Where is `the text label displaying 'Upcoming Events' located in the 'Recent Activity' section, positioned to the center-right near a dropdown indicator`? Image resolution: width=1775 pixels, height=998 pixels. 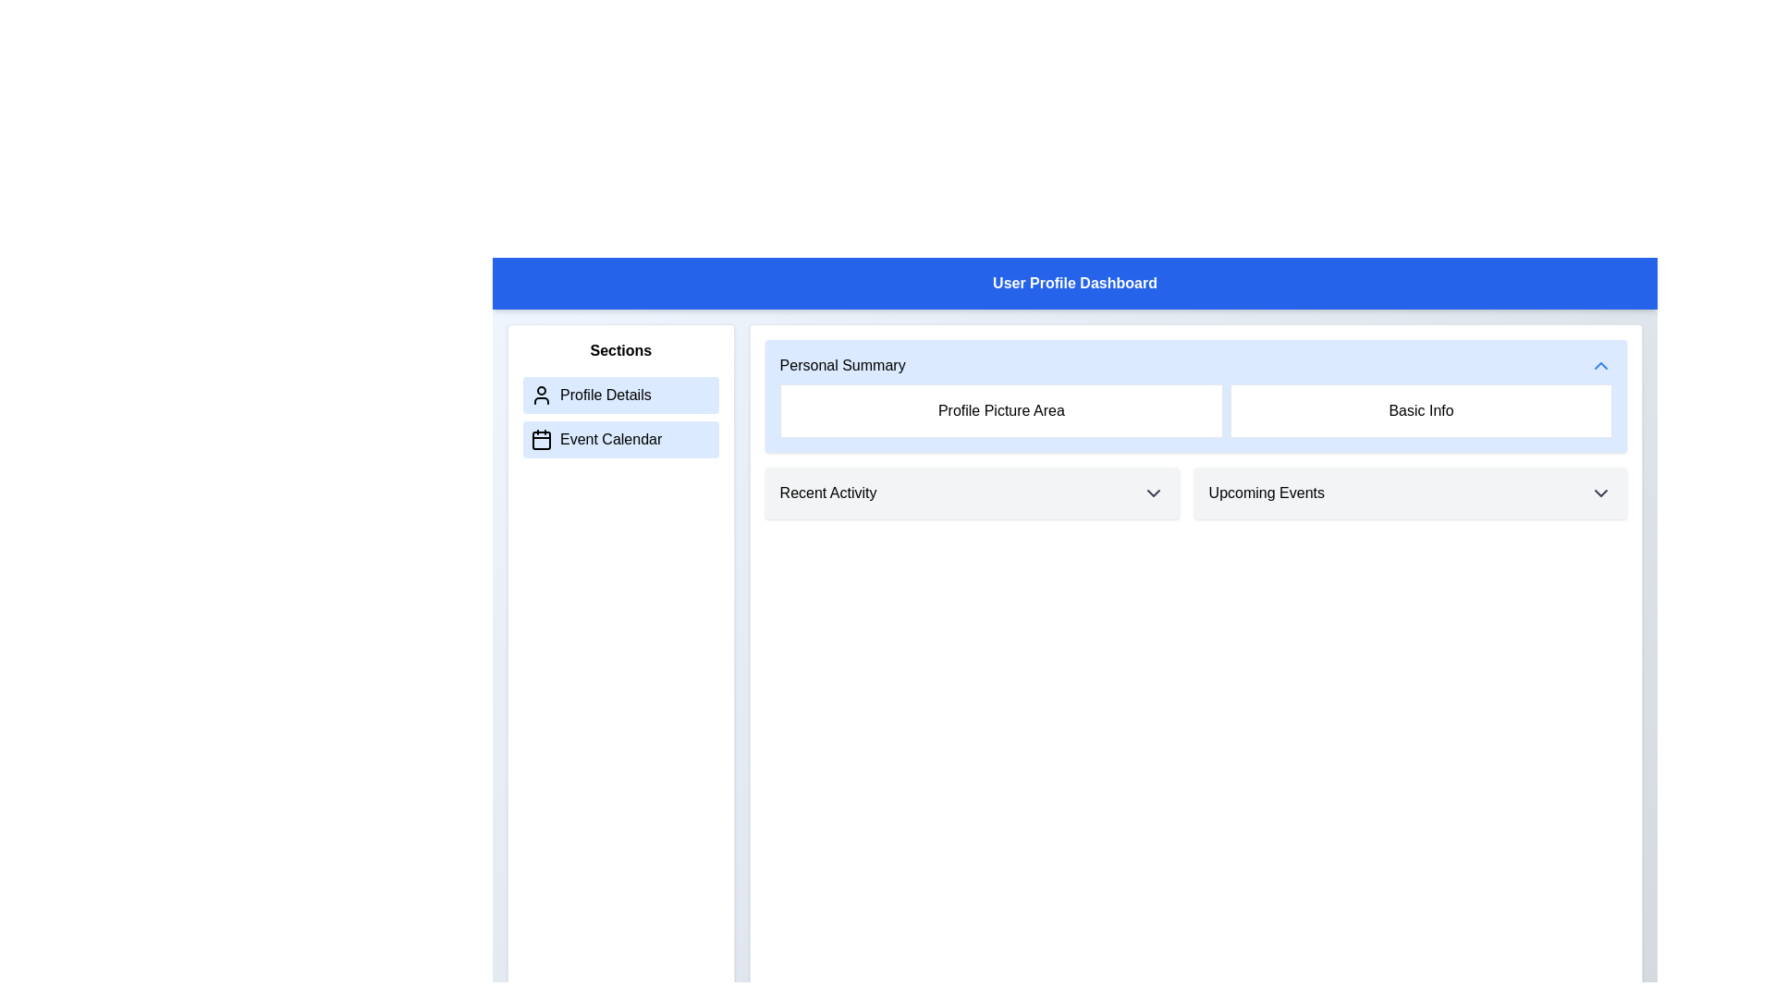
the text label displaying 'Upcoming Events' located in the 'Recent Activity' section, positioned to the center-right near a dropdown indicator is located at coordinates (1266, 492).